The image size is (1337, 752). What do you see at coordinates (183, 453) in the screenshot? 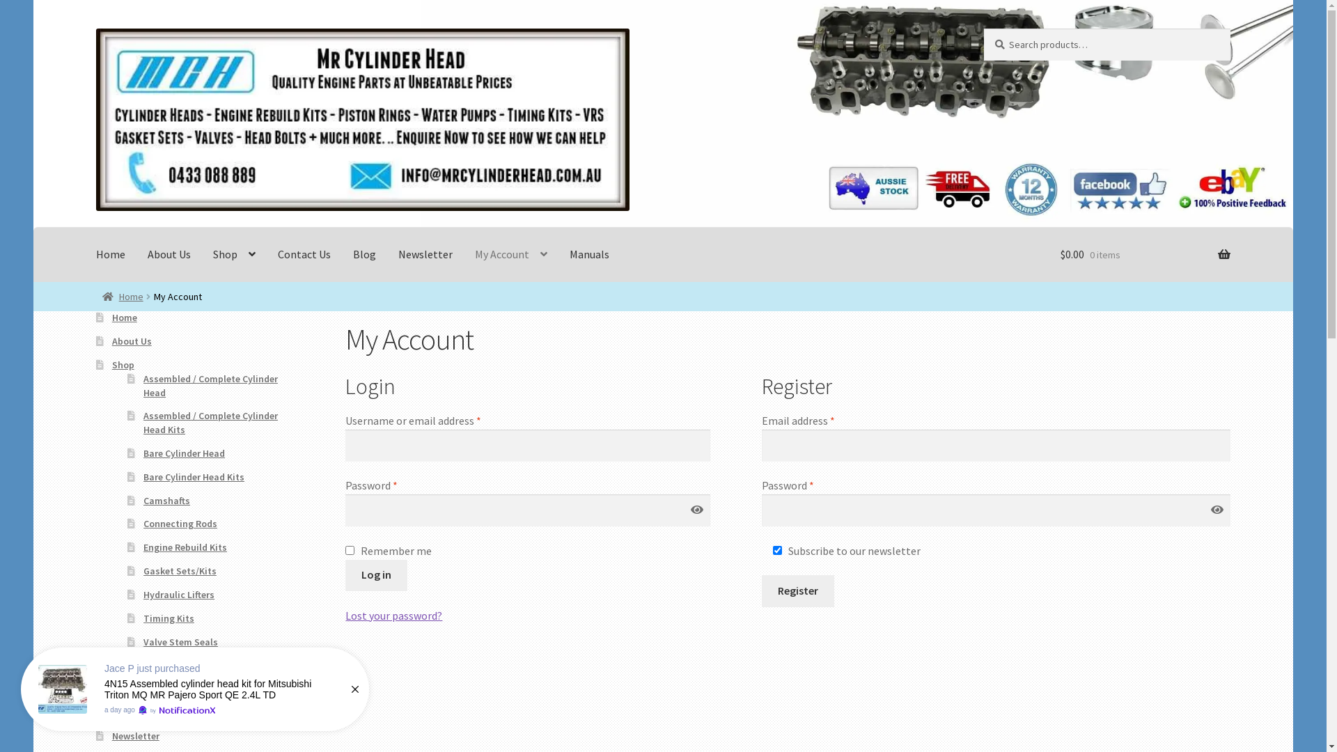
I see `'Bare Cylinder Head'` at bounding box center [183, 453].